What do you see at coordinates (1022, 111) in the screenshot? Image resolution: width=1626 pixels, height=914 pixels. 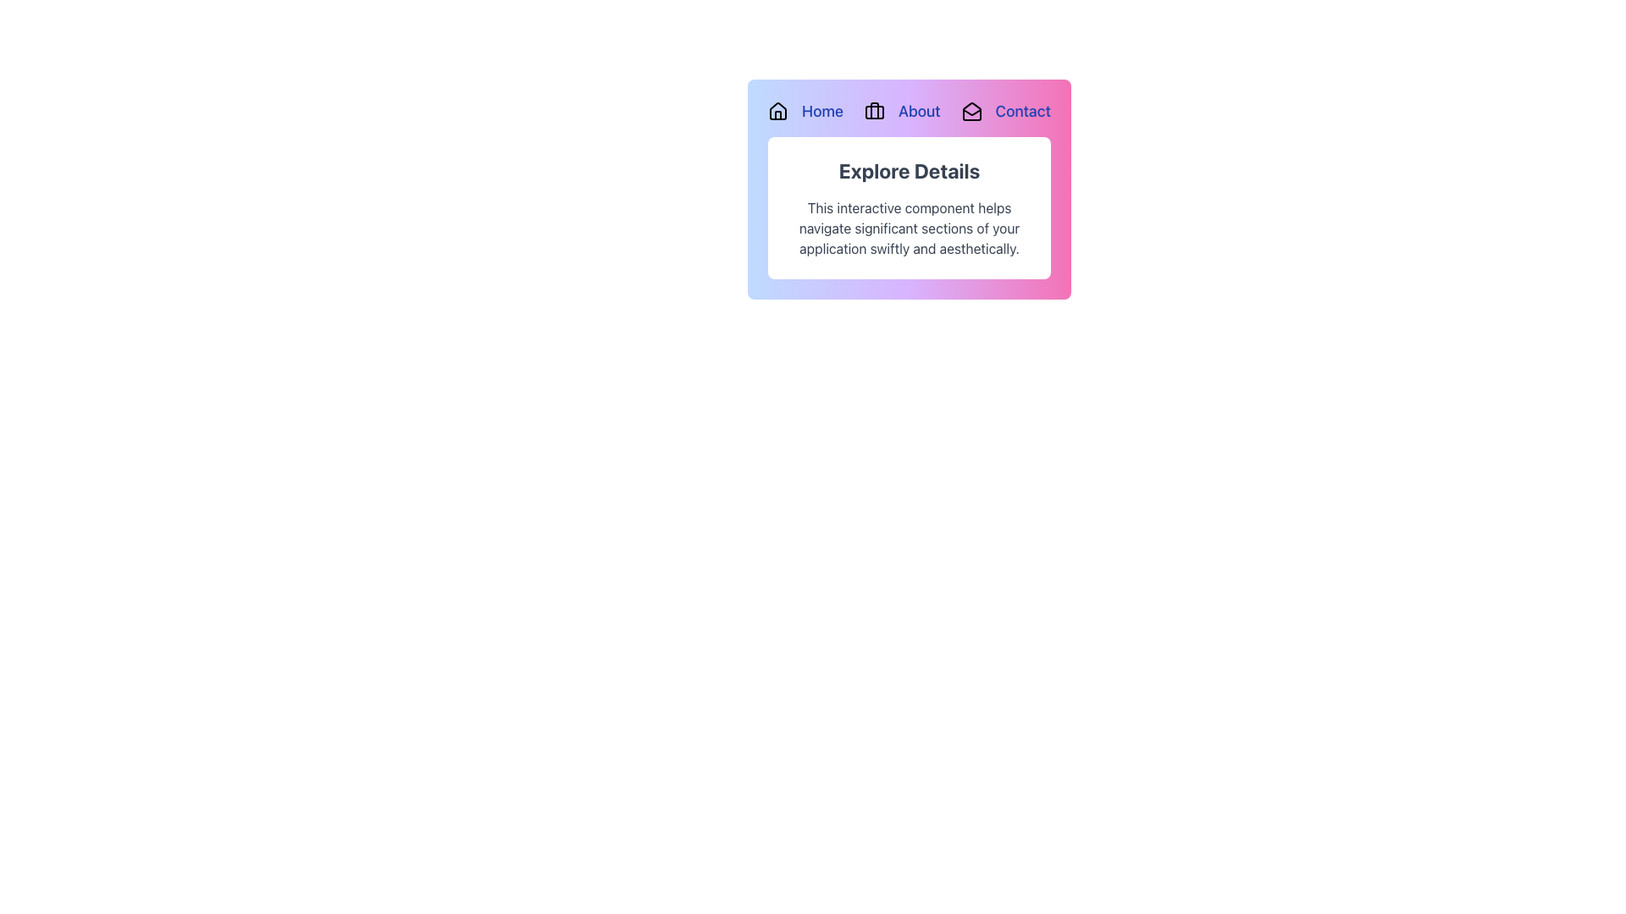 I see `the last navigation link button, which serves as a hyperlink to the contact page` at bounding box center [1022, 111].